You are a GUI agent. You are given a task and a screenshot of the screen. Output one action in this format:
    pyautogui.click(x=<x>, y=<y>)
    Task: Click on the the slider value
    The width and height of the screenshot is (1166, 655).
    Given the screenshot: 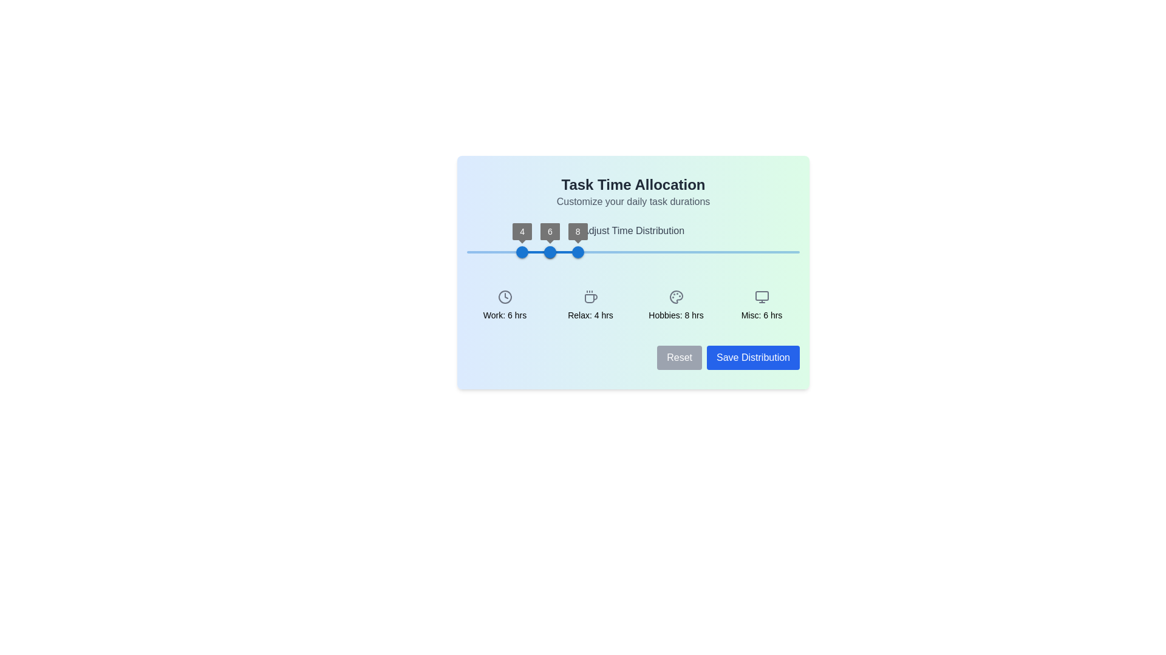 What is the action you would take?
    pyautogui.click(x=489, y=252)
    